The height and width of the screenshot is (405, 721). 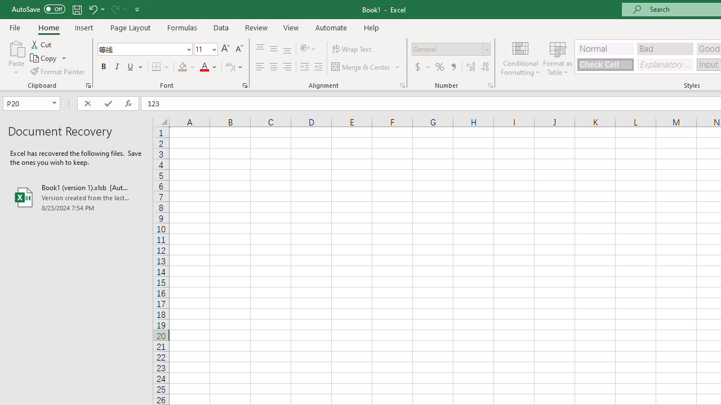 I want to click on 'Merge & Center', so click(x=366, y=67).